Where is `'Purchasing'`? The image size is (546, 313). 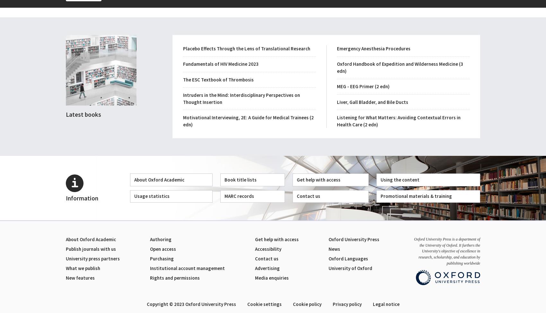 'Purchasing' is located at coordinates (162, 258).